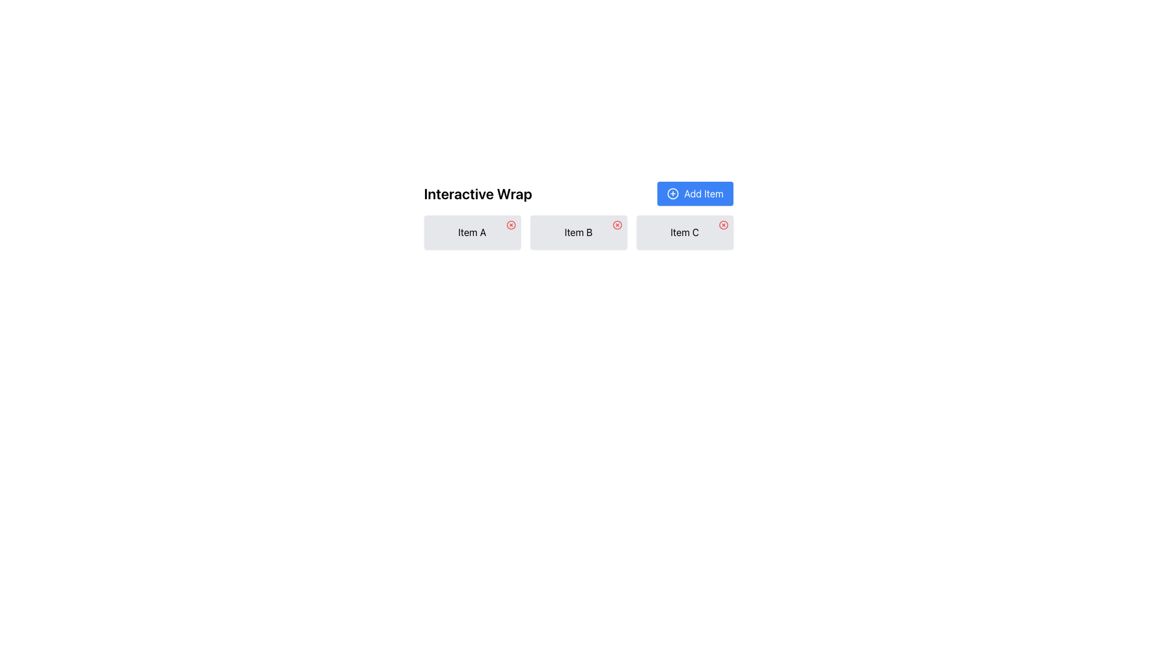  What do you see at coordinates (723, 225) in the screenshot?
I see `the delete button located in the top-right corner of the 'Item C' box` at bounding box center [723, 225].